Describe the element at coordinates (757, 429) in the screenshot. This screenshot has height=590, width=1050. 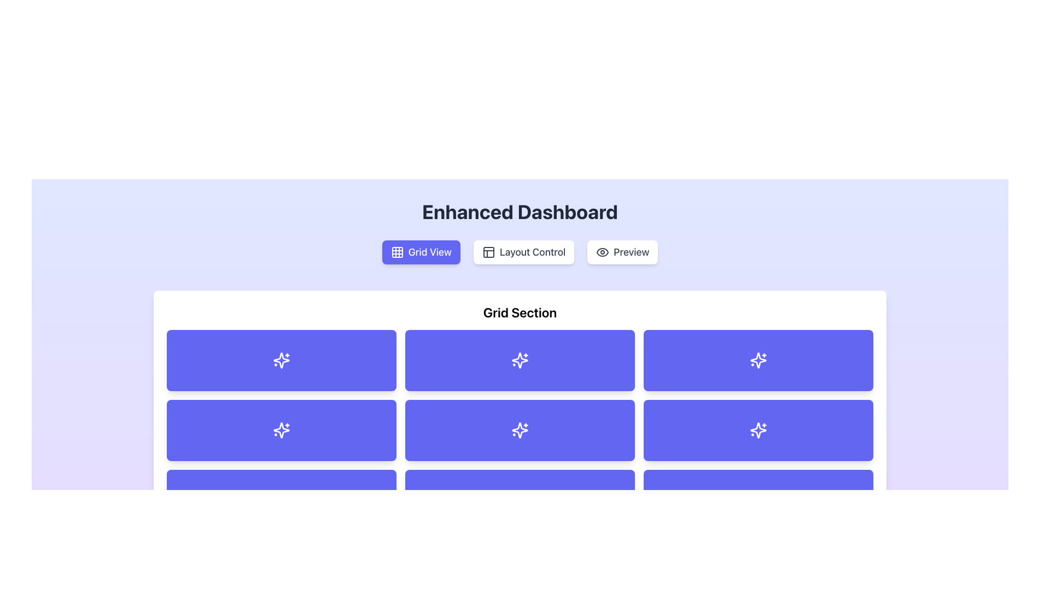
I see `the button located in the third column of the grid in the second row within the 'Grid Section' of the application interface` at that location.